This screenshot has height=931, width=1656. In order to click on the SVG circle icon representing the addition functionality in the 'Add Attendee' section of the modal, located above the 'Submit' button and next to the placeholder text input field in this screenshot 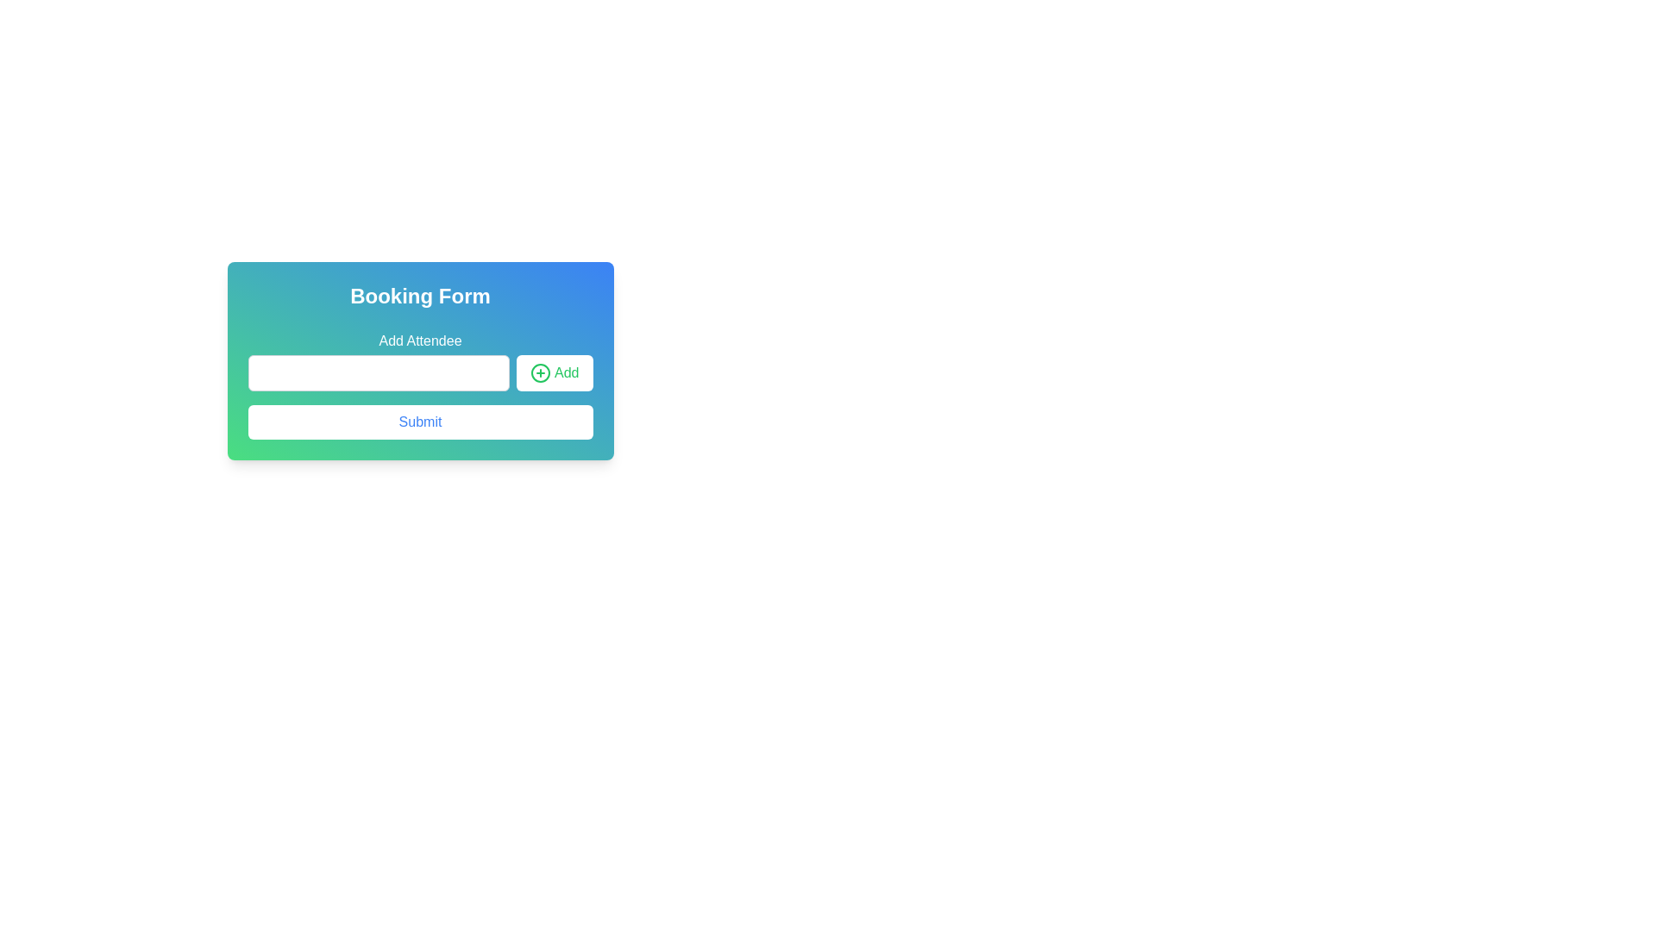, I will do `click(540, 372)`.